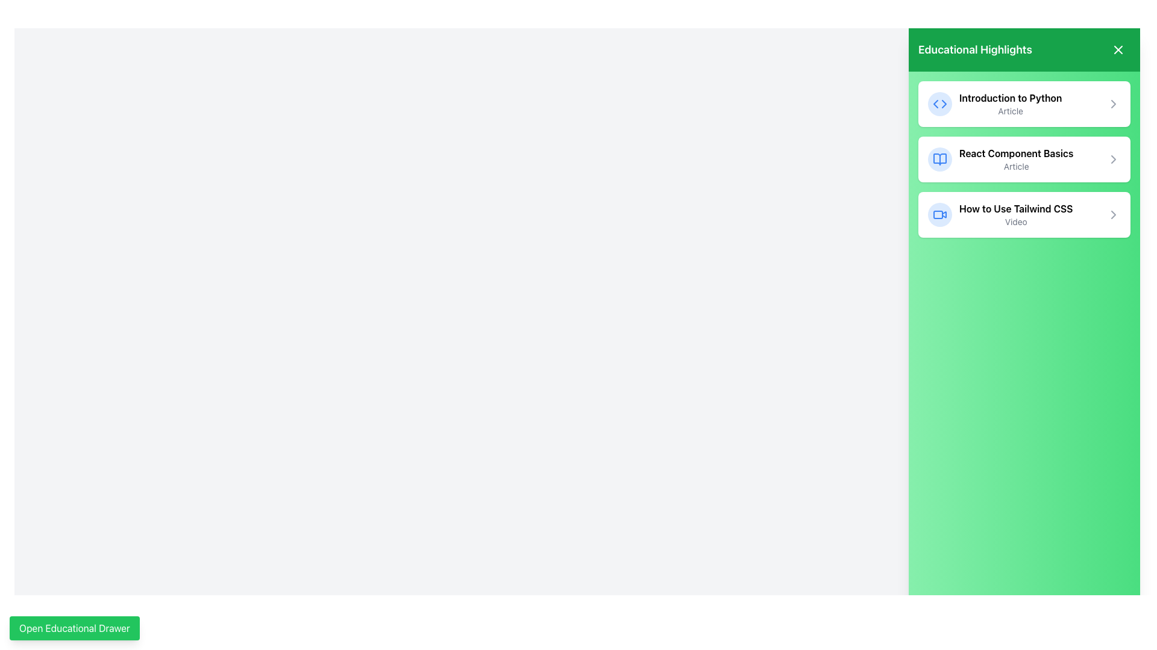 The height and width of the screenshot is (650, 1157). Describe the element at coordinates (1118, 49) in the screenshot. I see `the 'X' shaped close button in the upper right corner of the green rectangle titled 'Educational Highlights'` at that location.